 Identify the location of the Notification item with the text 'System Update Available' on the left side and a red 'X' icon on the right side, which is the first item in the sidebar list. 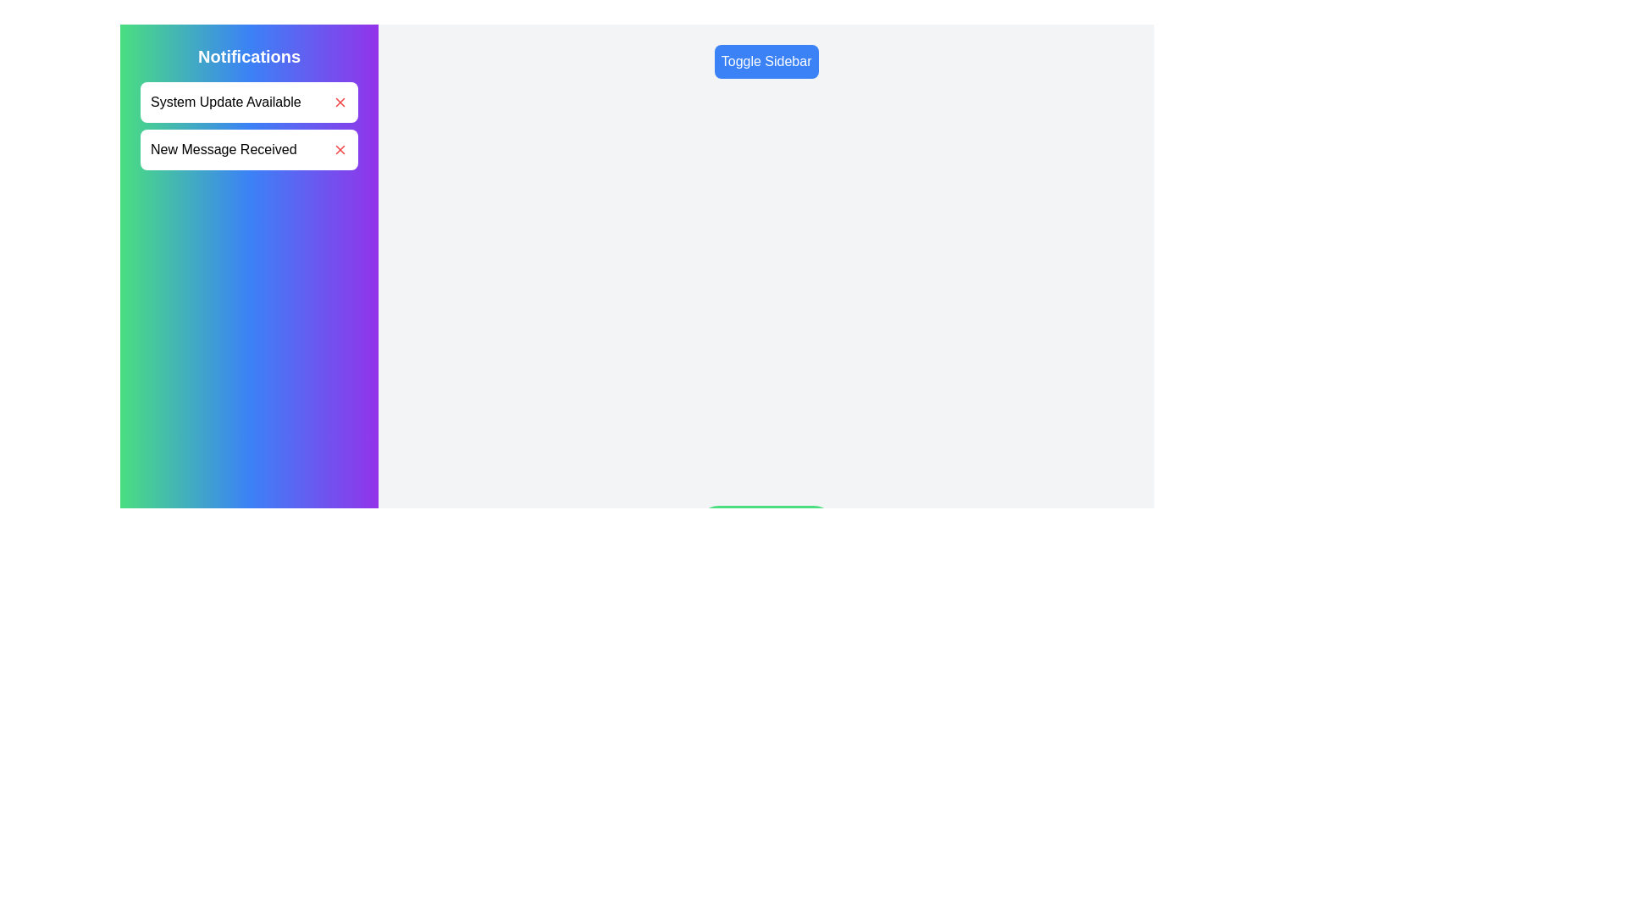
(248, 102).